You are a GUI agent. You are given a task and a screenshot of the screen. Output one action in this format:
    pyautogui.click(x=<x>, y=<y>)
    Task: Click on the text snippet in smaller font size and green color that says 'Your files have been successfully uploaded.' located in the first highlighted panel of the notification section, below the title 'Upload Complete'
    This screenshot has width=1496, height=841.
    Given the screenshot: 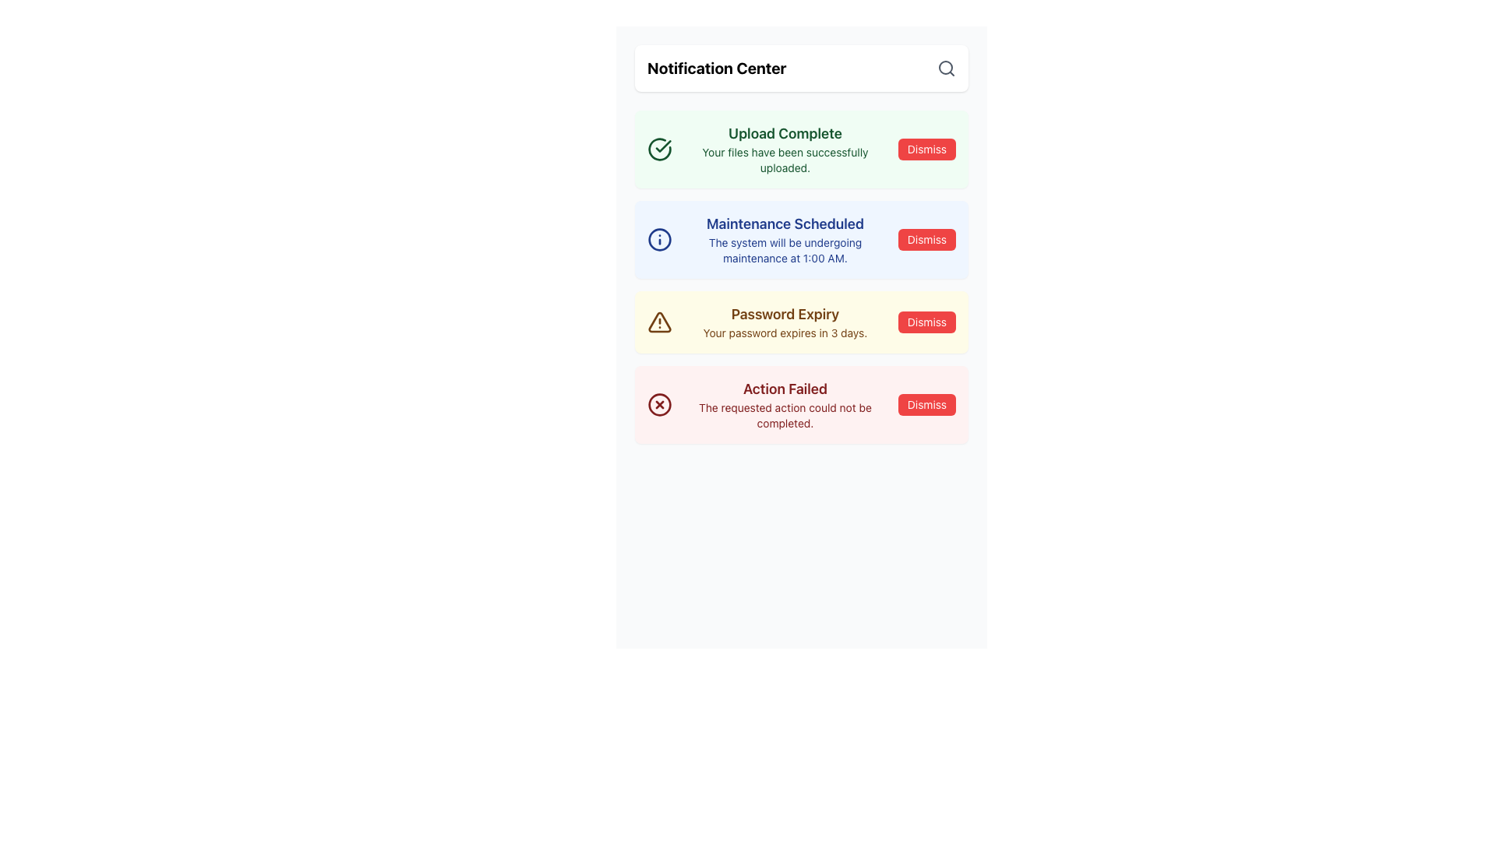 What is the action you would take?
    pyautogui.click(x=785, y=160)
    